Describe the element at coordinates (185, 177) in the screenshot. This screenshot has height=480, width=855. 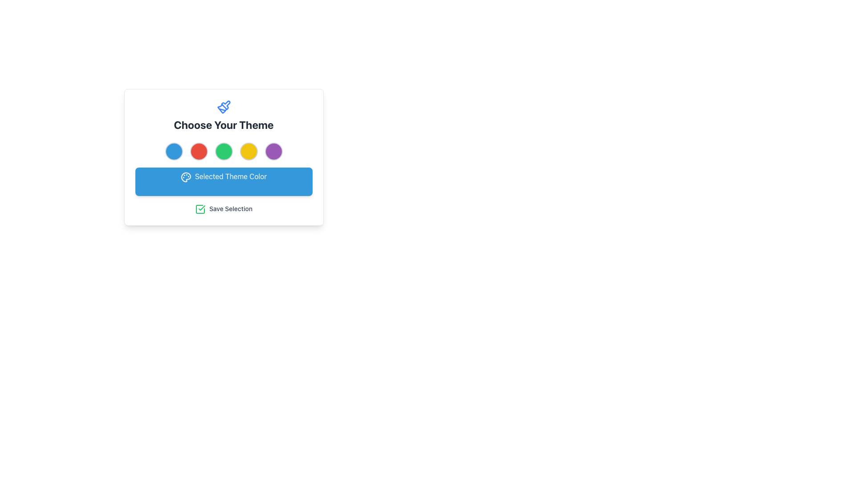
I see `the color palette icon located to the left of the 'Selected Theme Color' text within the blue rectangular button` at that location.